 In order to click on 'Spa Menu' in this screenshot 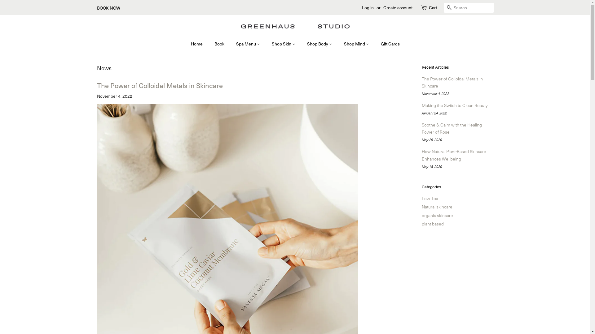, I will do `click(248, 44)`.